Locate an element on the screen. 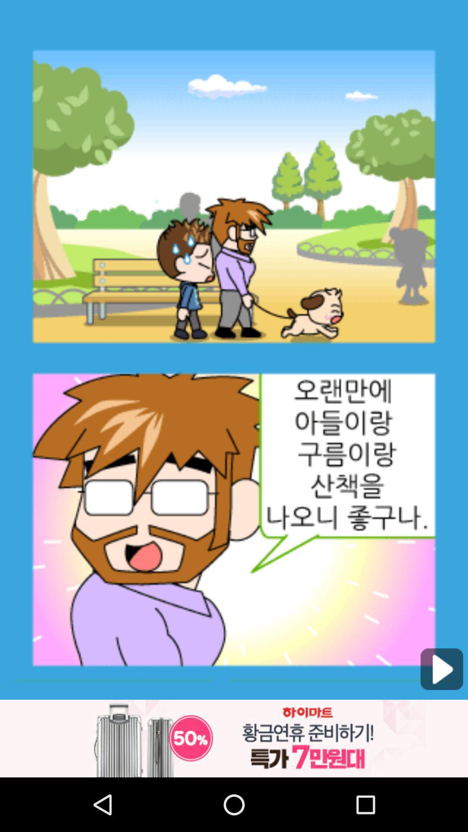 This screenshot has width=468, height=832. article is located at coordinates (442, 669).